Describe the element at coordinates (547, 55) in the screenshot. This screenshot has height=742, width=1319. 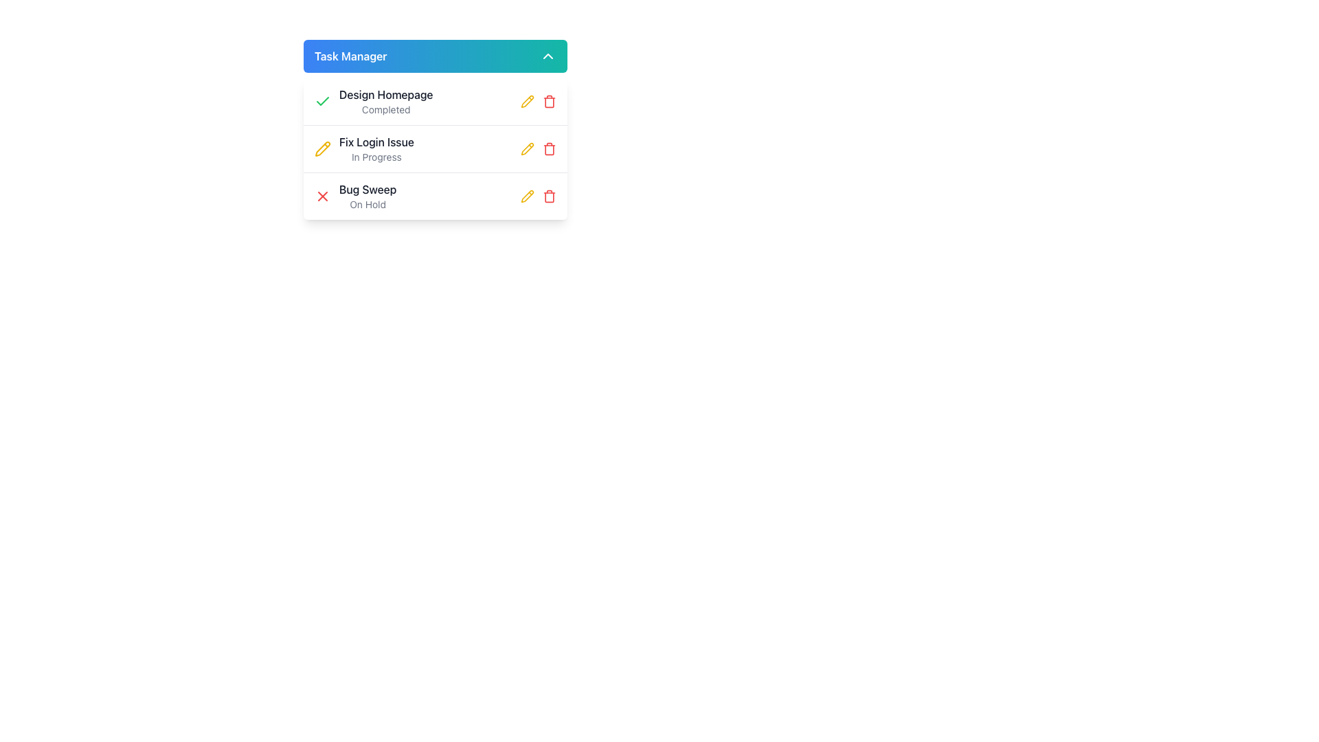
I see `the downward-pointing chevron icon button located at the top-right corner of the 'Task Manager' header bar` at that location.